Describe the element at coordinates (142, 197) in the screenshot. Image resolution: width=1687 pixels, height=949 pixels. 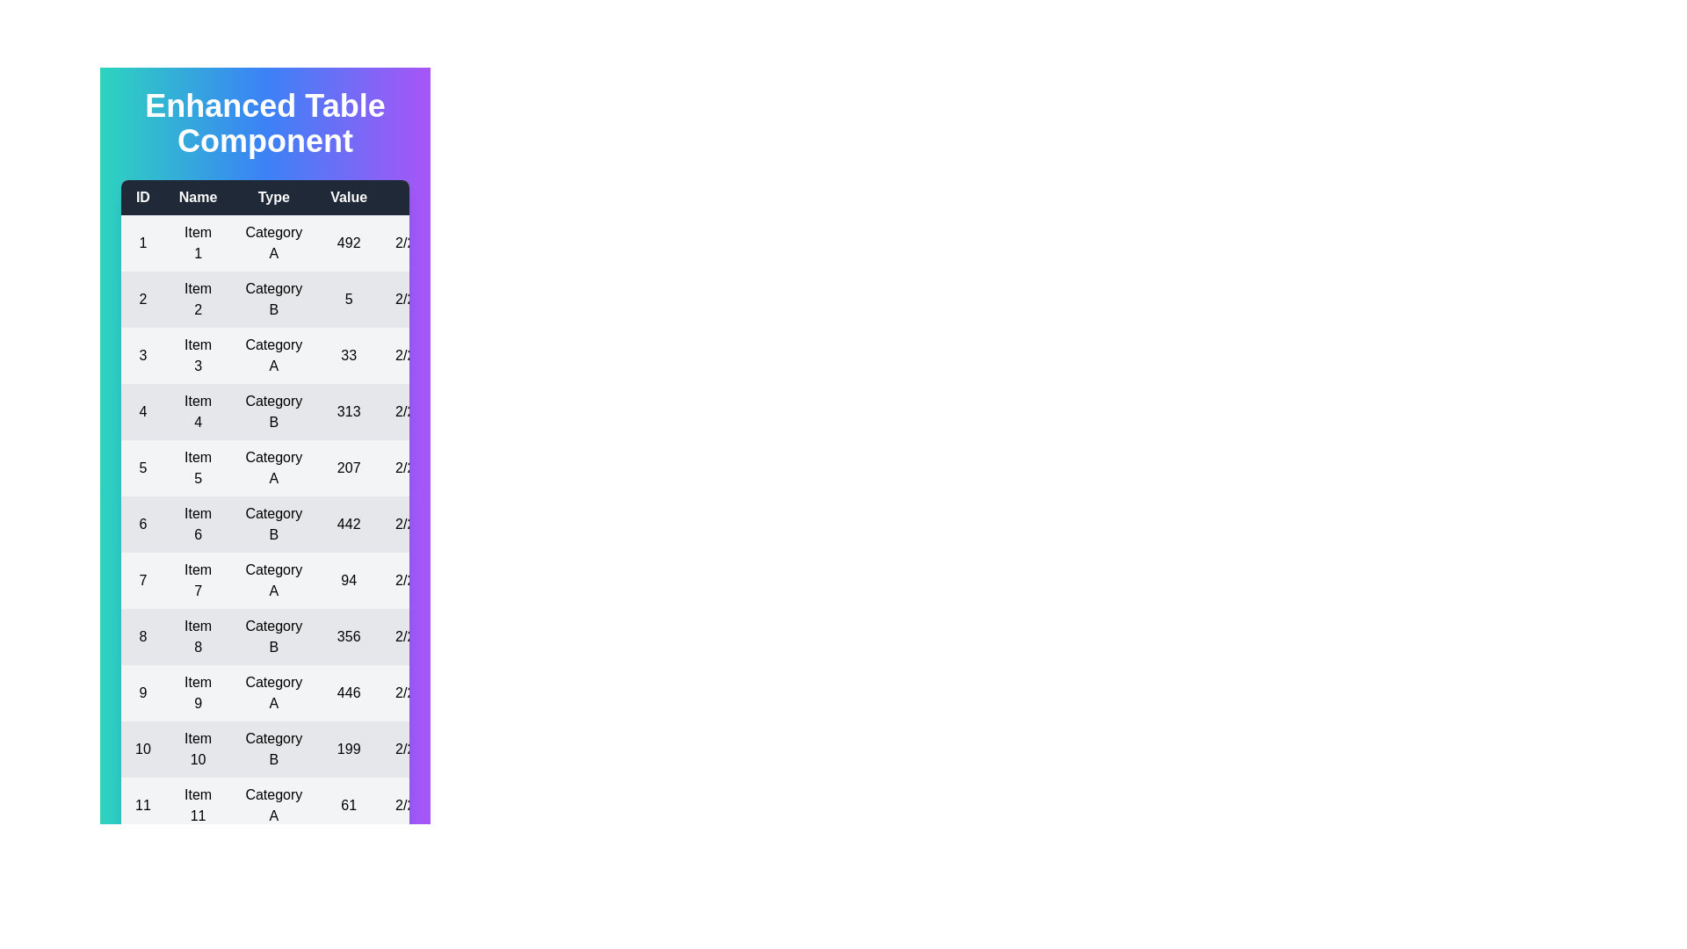
I see `the header of the column to sort by ID` at that location.